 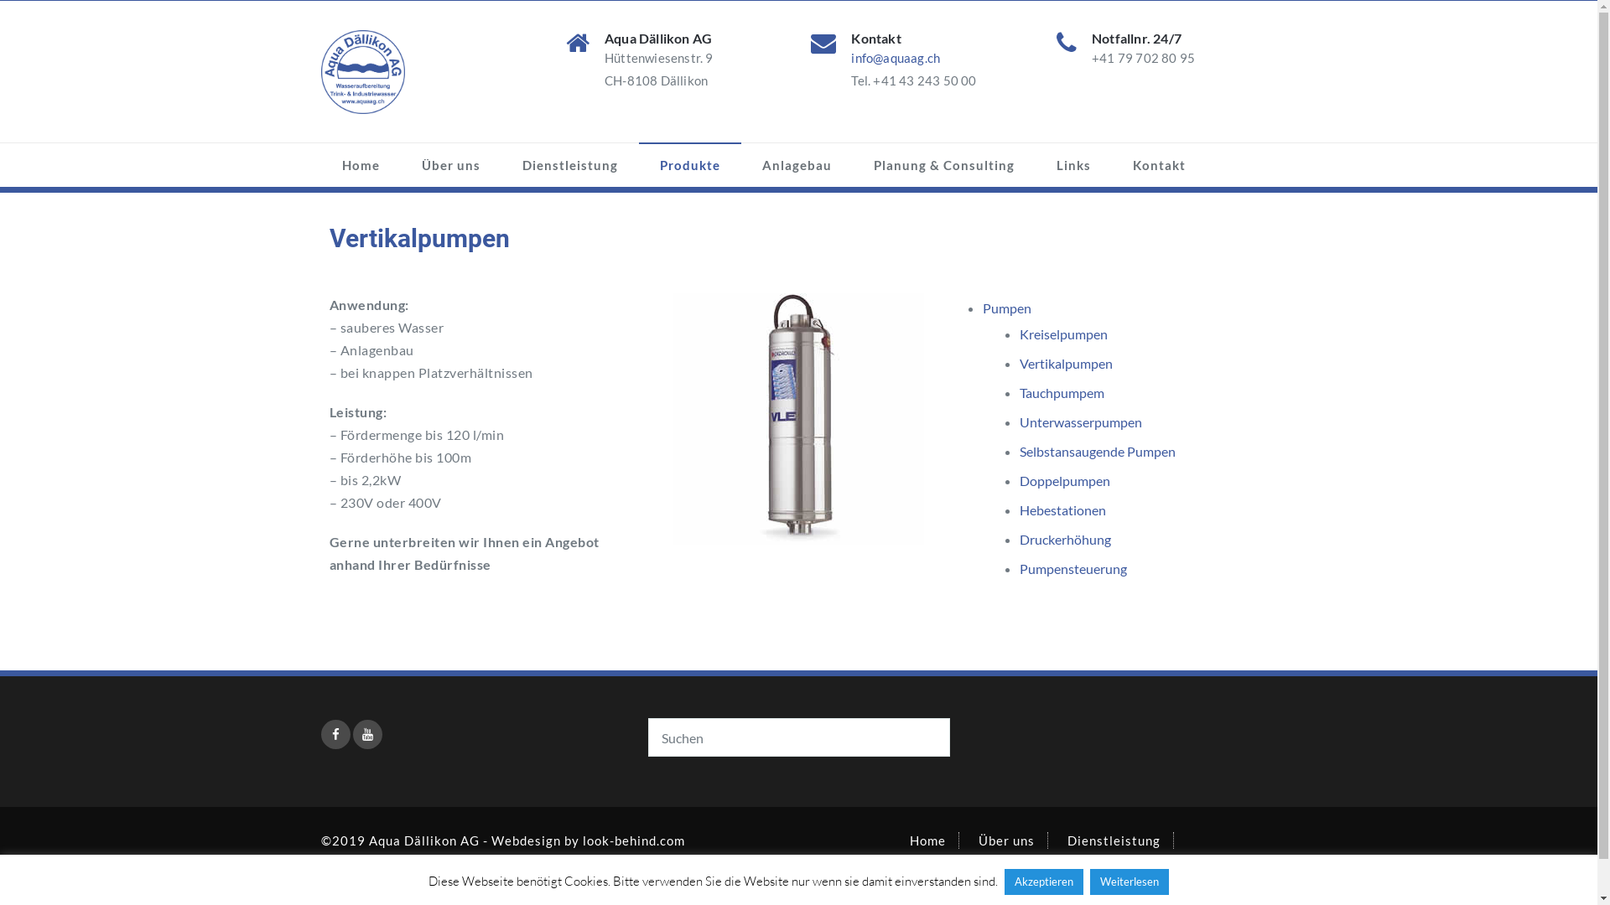 I want to click on 'Unterwasserpumpen', so click(x=1081, y=421).